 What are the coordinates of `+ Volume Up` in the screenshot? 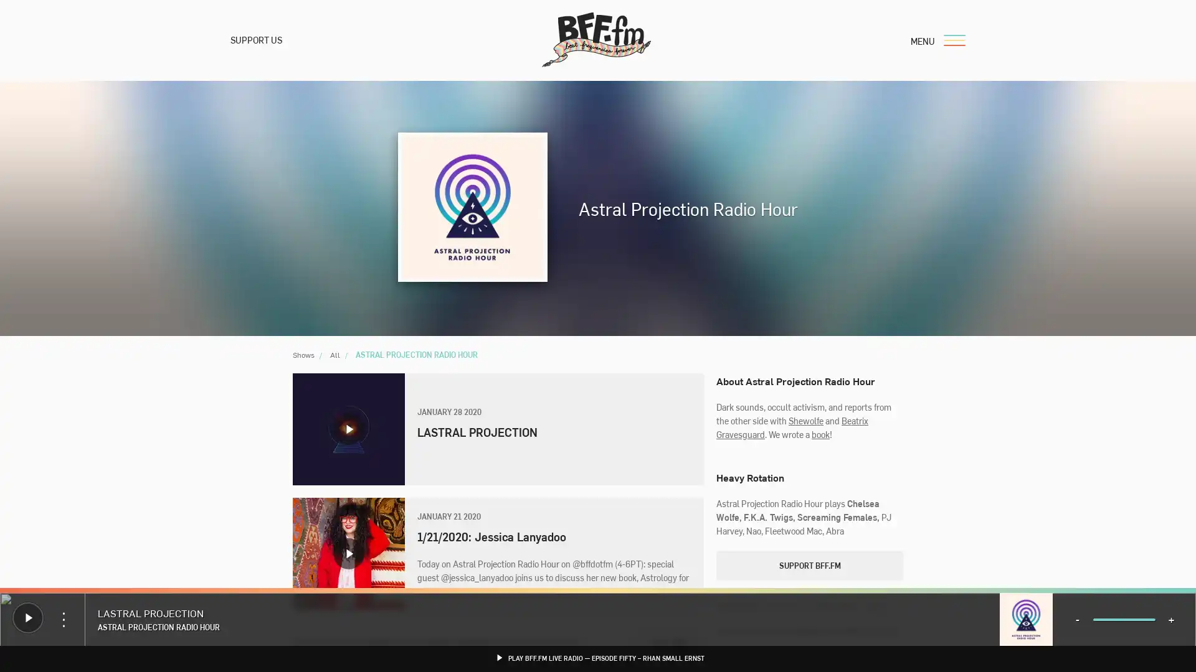 It's located at (1170, 619).